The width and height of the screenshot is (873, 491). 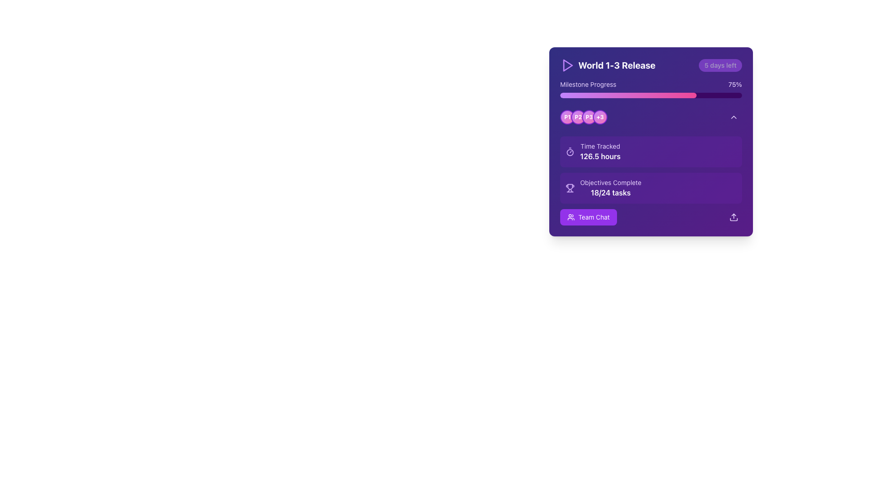 I want to click on the decorative timer icon component that symbolizes the 'Time Tracked' metric, located in the upper left area of the card, so click(x=569, y=152).